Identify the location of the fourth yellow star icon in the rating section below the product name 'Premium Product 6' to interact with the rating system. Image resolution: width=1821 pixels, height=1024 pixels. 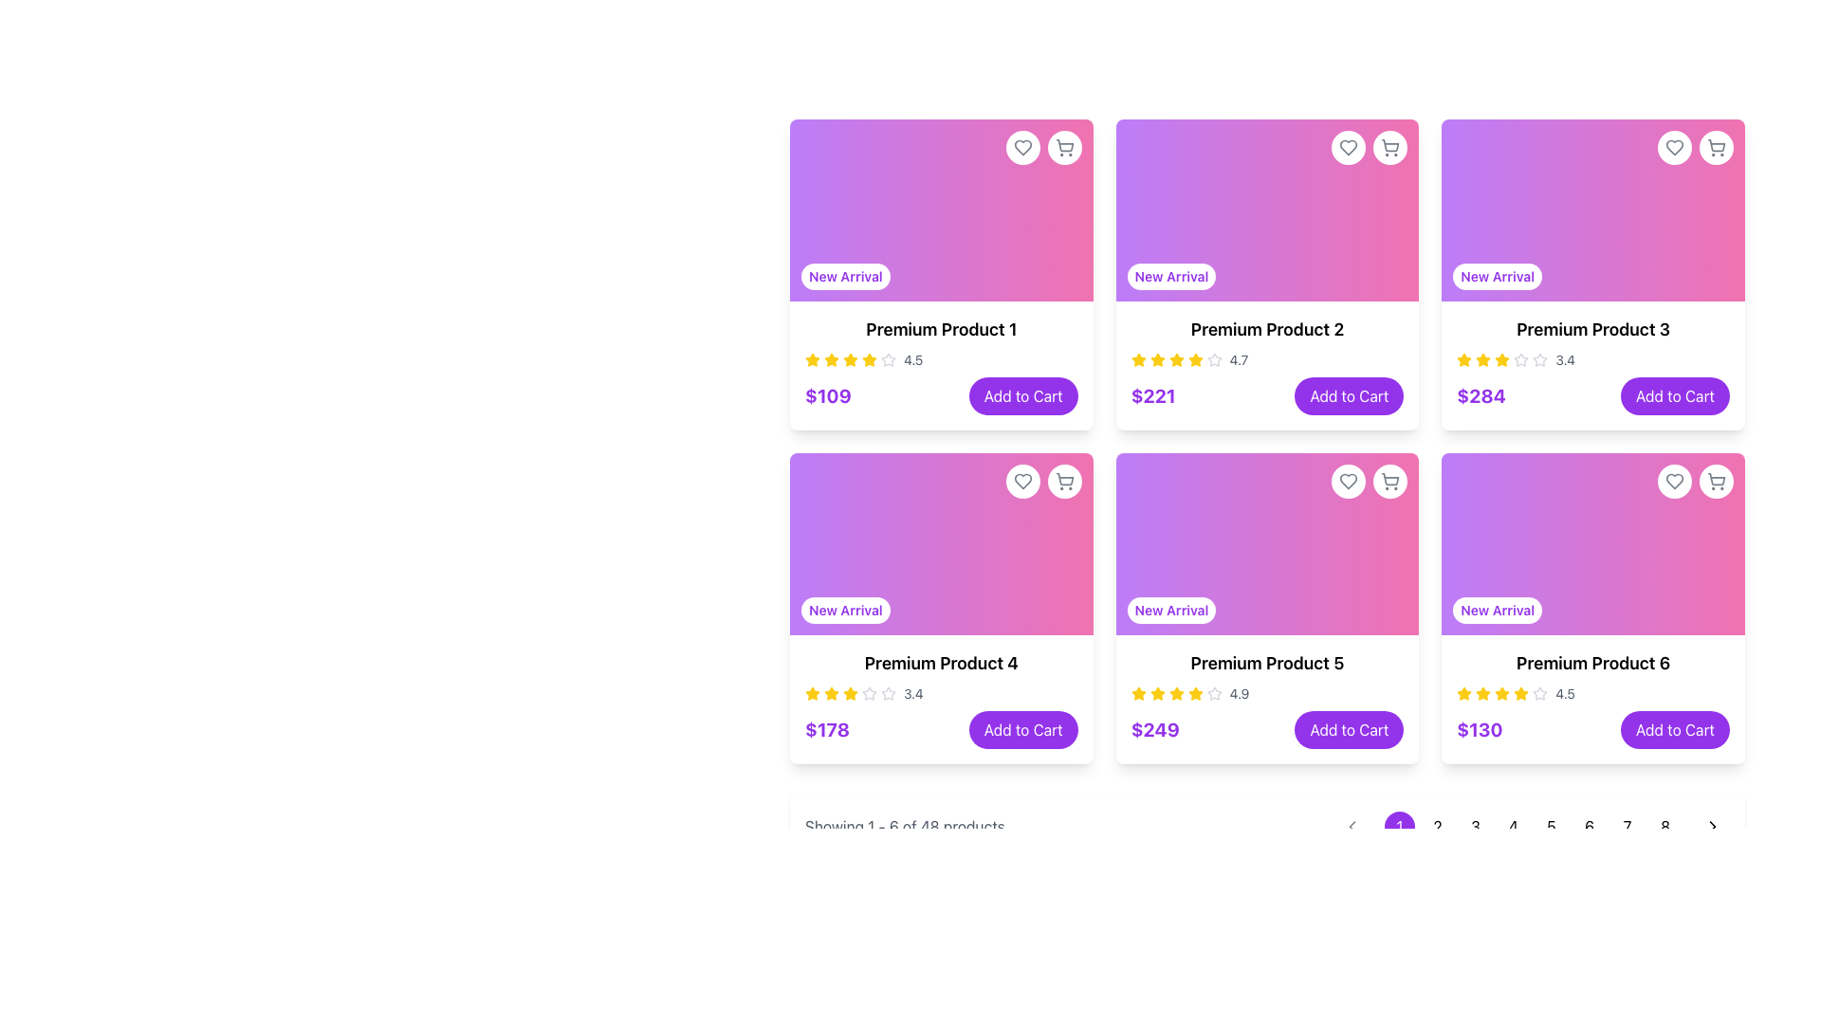
(1501, 694).